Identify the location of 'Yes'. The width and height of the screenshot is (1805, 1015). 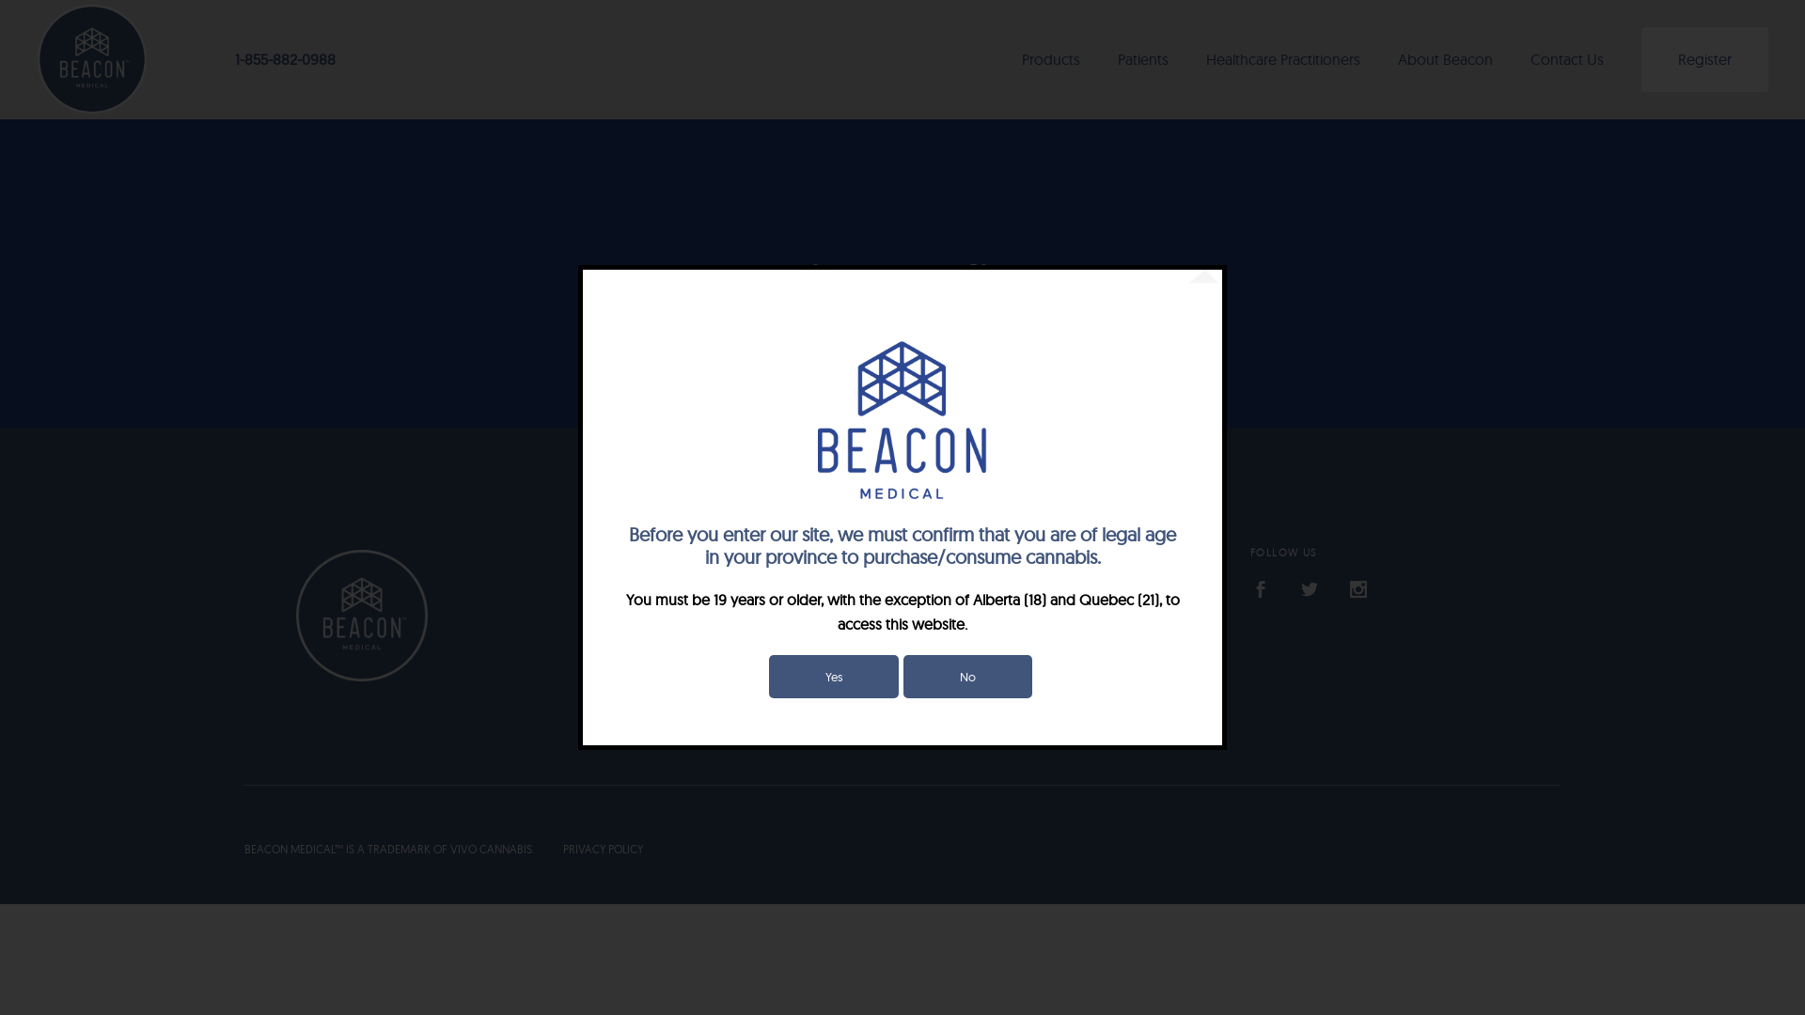
(833, 677).